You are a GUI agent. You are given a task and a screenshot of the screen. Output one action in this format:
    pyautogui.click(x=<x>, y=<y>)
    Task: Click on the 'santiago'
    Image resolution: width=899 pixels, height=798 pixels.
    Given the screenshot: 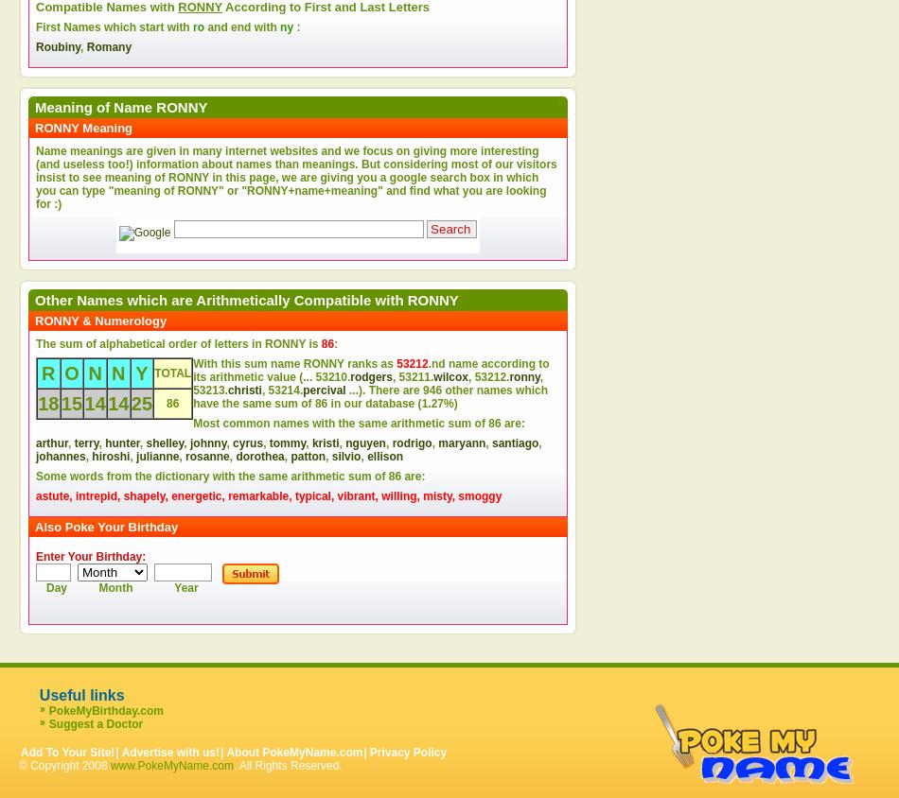 What is the action you would take?
    pyautogui.click(x=515, y=442)
    